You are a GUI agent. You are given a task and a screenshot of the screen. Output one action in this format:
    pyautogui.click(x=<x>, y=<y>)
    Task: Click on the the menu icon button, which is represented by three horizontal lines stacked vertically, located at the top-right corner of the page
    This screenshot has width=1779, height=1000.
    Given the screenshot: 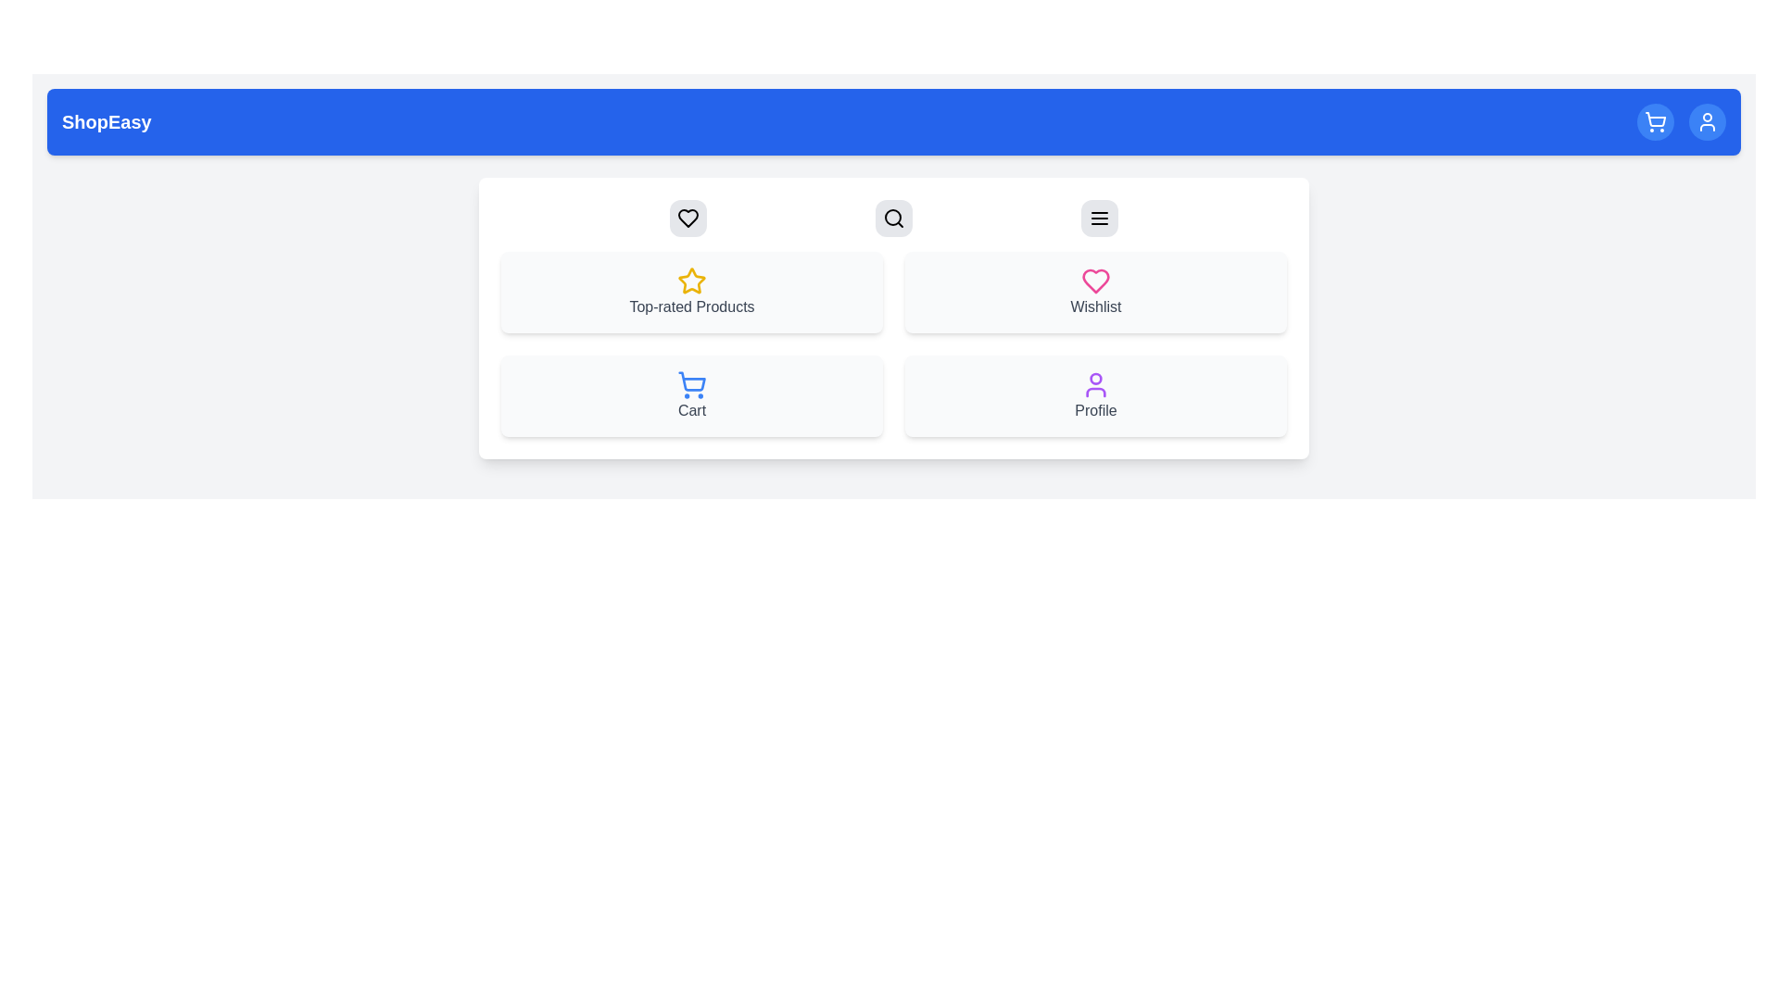 What is the action you would take?
    pyautogui.click(x=1099, y=217)
    